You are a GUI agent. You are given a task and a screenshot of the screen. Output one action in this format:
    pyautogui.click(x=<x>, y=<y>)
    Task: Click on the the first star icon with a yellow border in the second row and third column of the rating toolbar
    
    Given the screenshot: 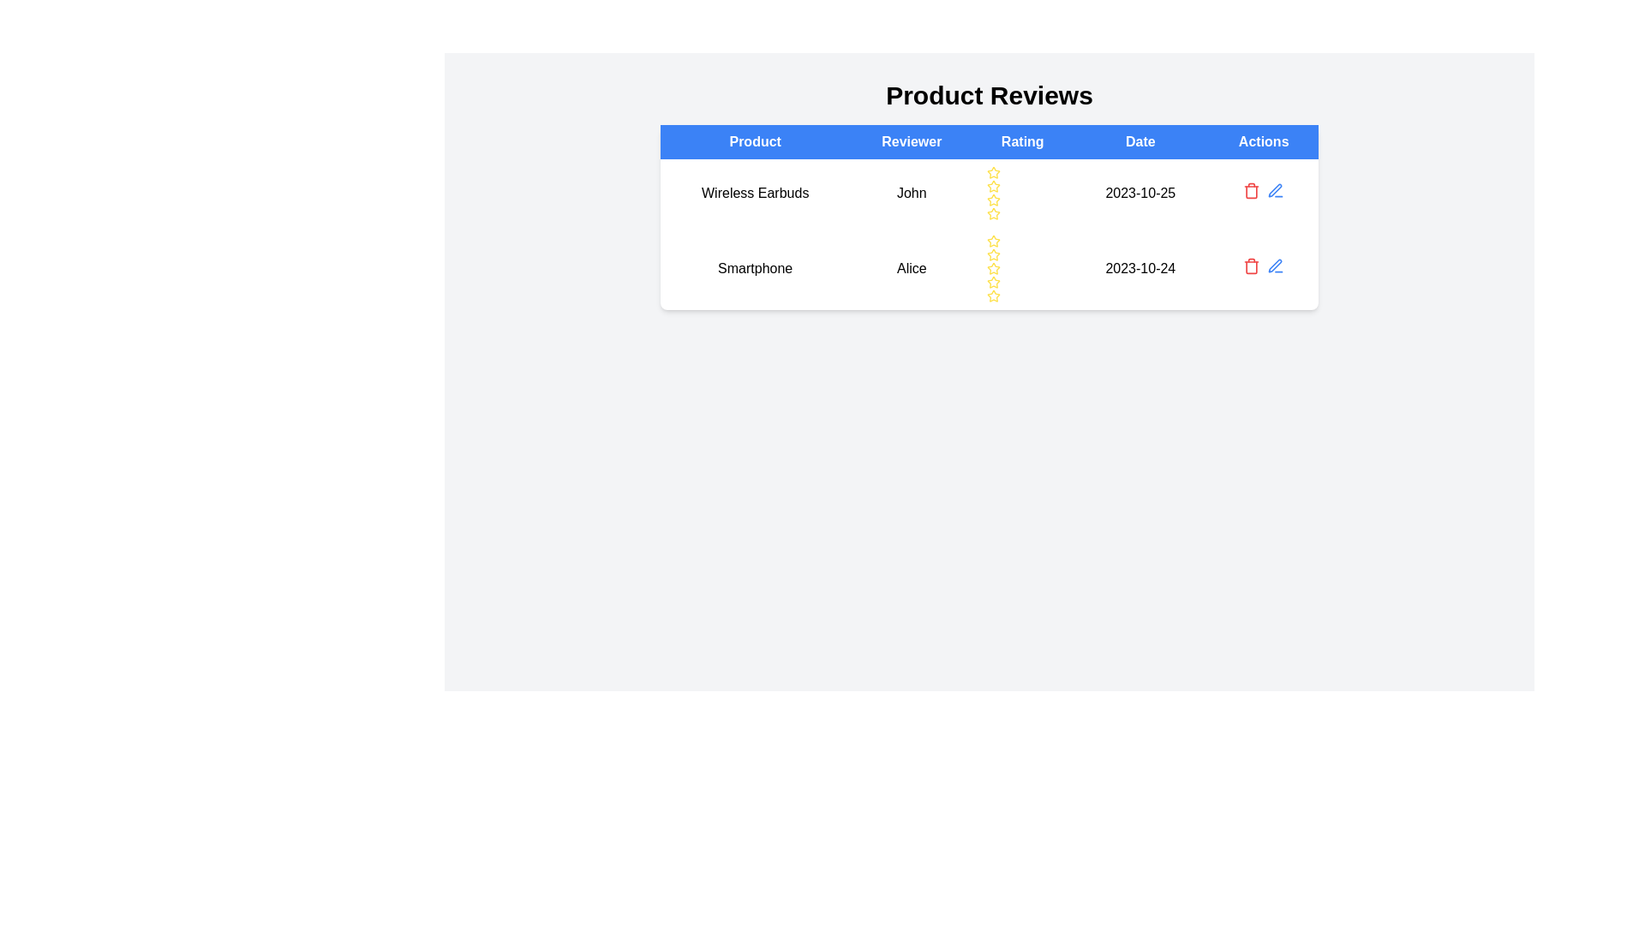 What is the action you would take?
    pyautogui.click(x=994, y=241)
    